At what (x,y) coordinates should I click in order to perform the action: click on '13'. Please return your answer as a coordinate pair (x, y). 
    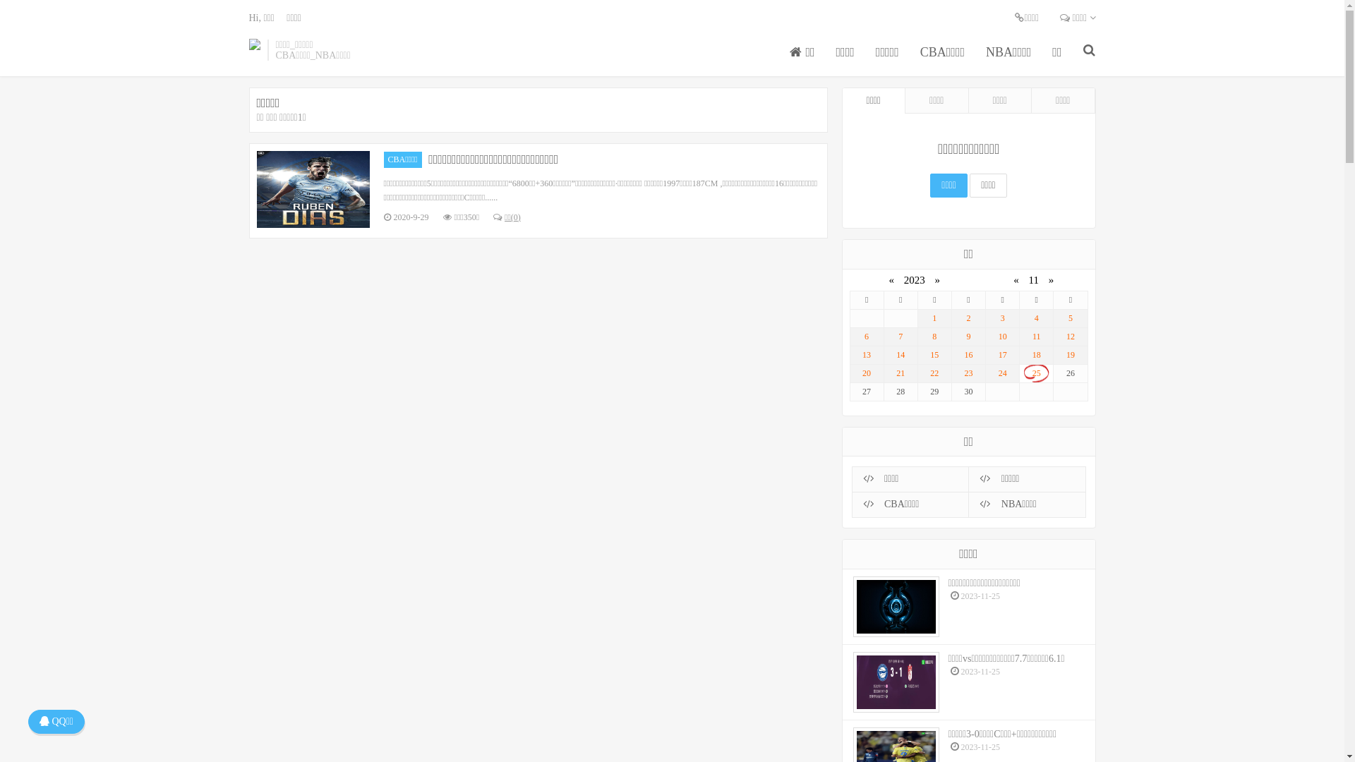
    Looking at the image, I should click on (852, 354).